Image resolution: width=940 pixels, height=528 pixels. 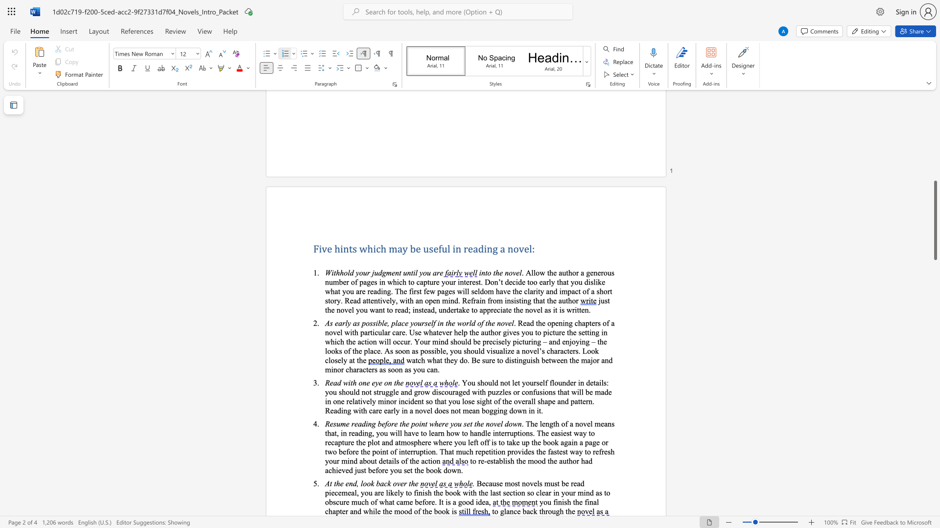 What do you see at coordinates (327, 510) in the screenshot?
I see `the 1th character "c" in the text` at bounding box center [327, 510].